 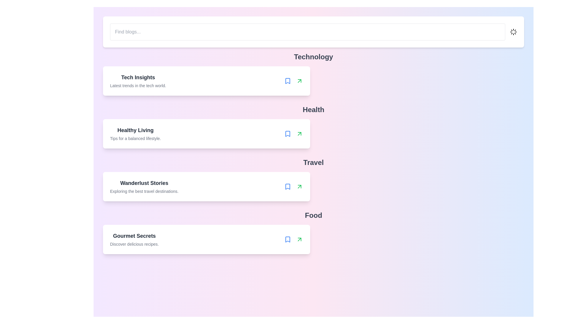 What do you see at coordinates (293, 240) in the screenshot?
I see `the green arrow icon in the cluster located at the far right side of the 'Gourmet Secrets' card` at bounding box center [293, 240].